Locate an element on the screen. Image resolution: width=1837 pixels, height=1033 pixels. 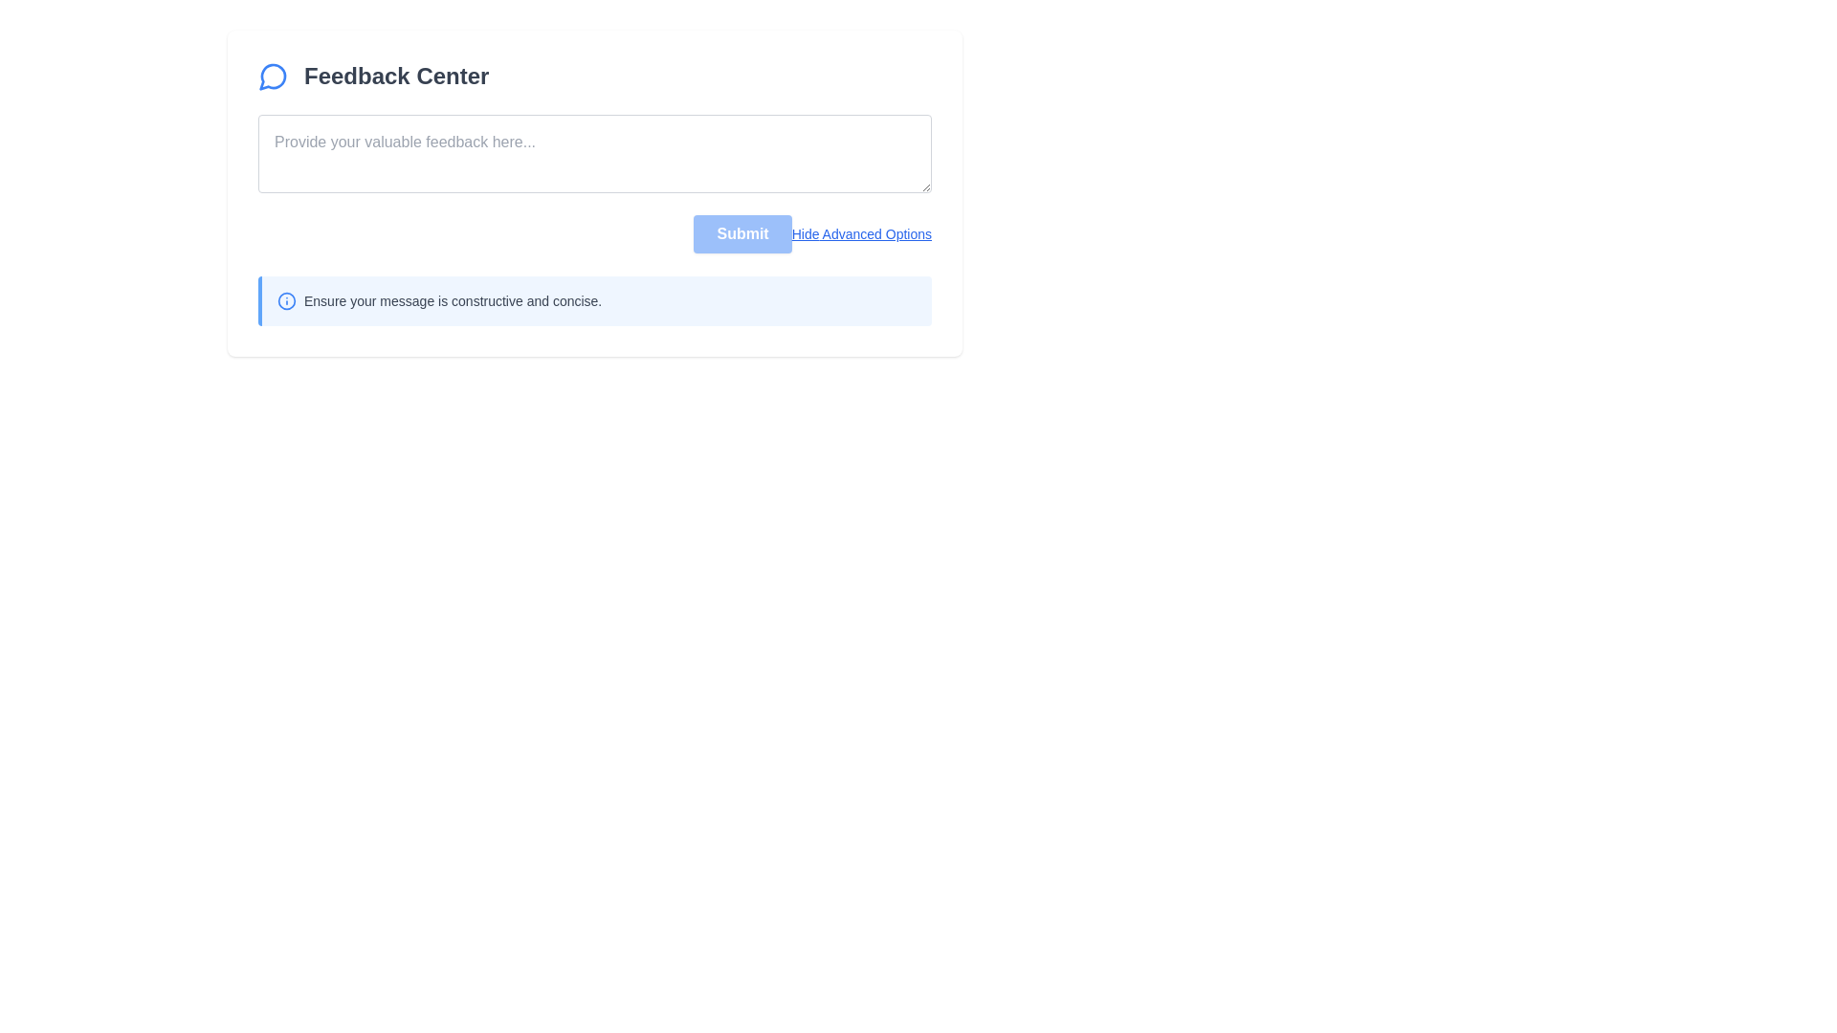
the rectangular blue 'Submit' button with rounded corners is located at coordinates (741, 233).